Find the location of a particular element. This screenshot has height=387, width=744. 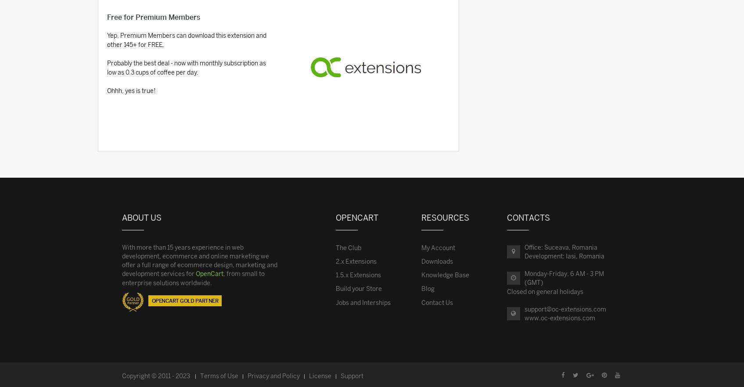

'Probably the best deal - now with monthly subscription as low as 0.3 cups of coffee per day.' is located at coordinates (186, 68).